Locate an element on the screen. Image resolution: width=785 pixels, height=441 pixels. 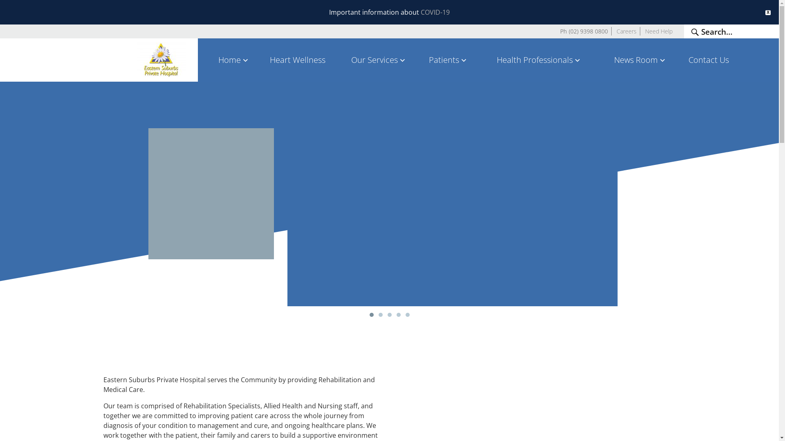
'Contact Us' is located at coordinates (708, 59).